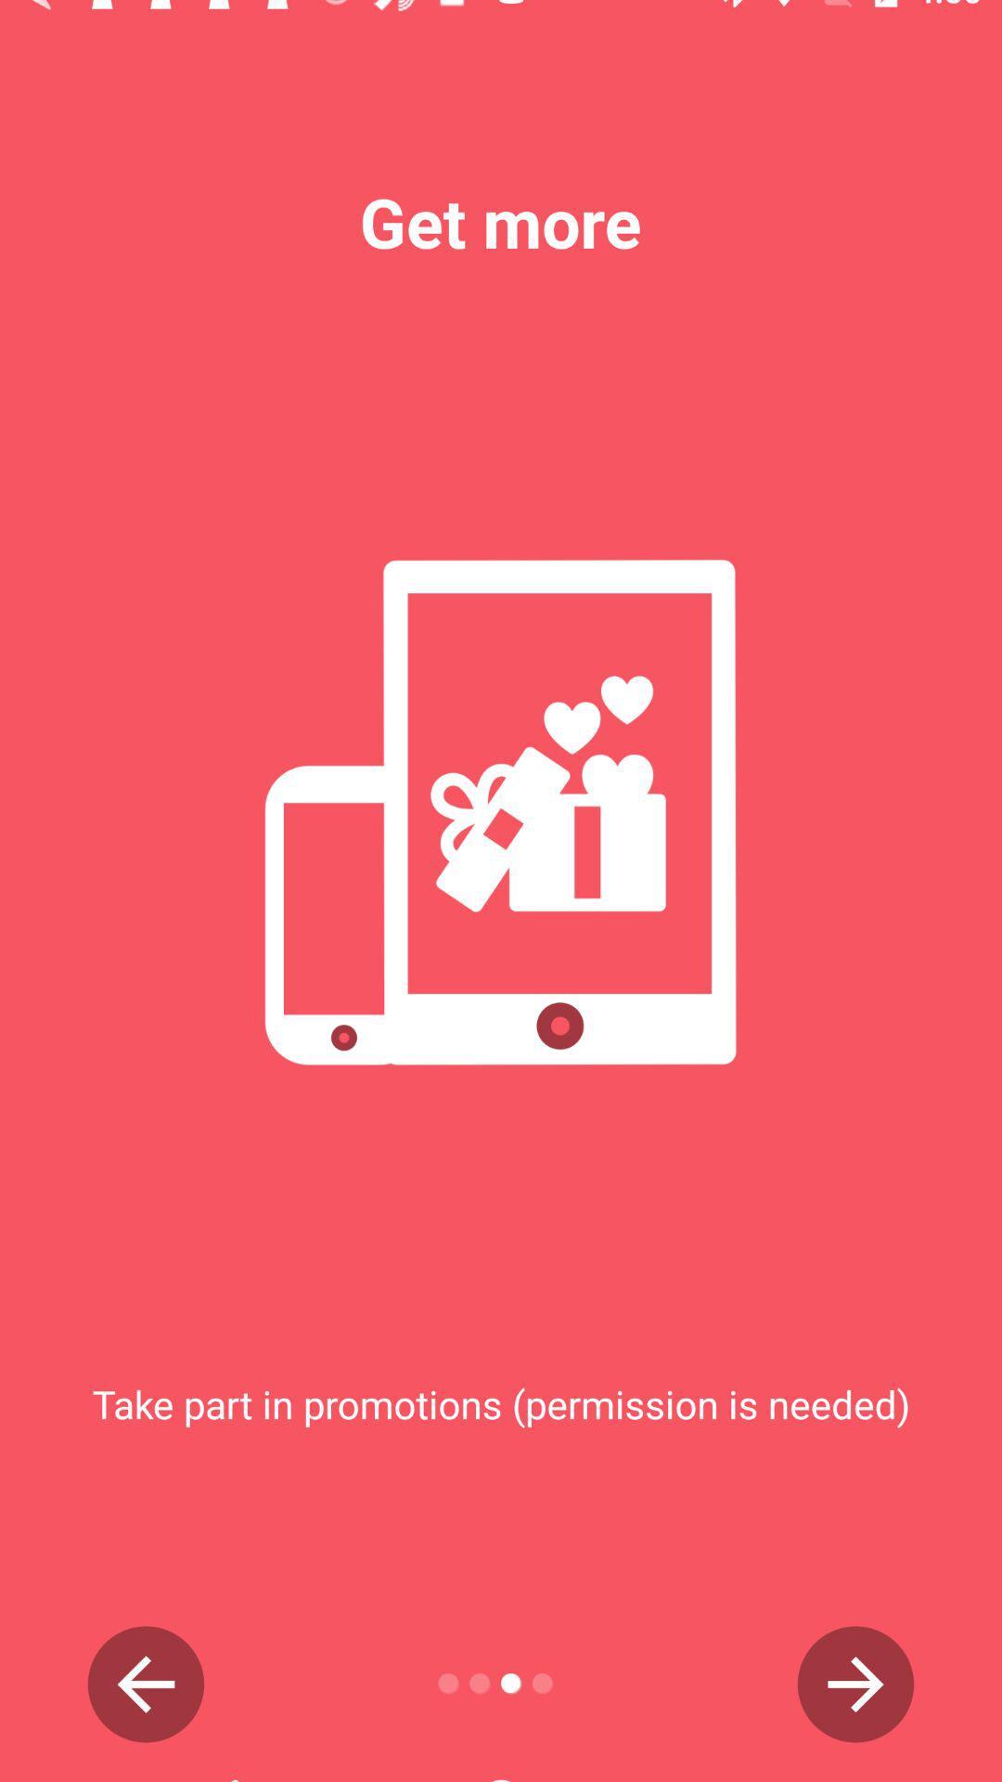 This screenshot has width=1002, height=1782. I want to click on go back, so click(145, 1684).